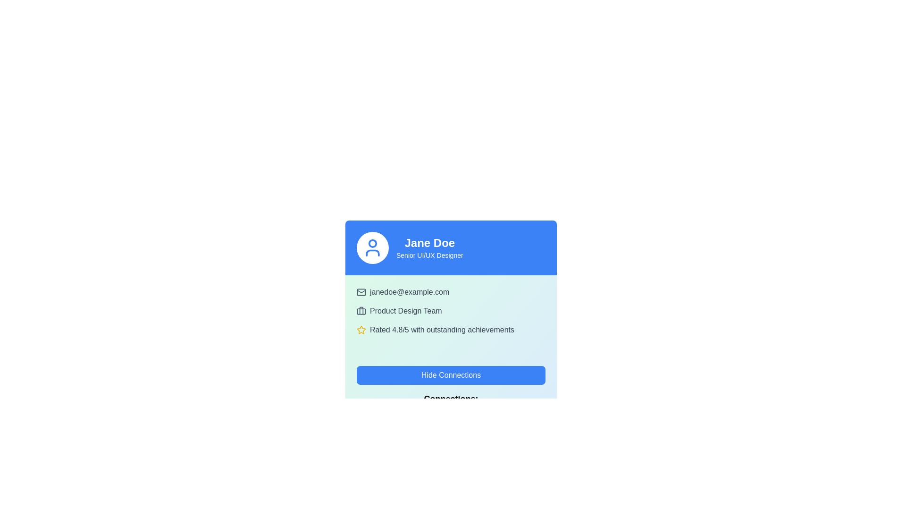 The image size is (906, 510). What do you see at coordinates (361, 291) in the screenshot?
I see `the email icon located to the left of 'janedoe@example.com', which serves as a decorative or informative element` at bounding box center [361, 291].